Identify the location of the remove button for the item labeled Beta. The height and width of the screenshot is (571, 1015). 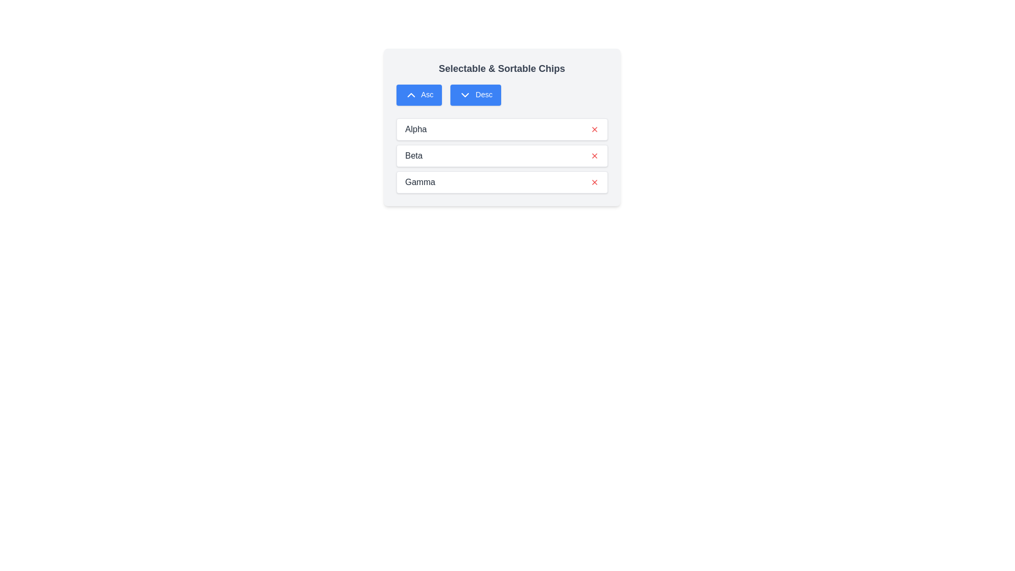
(594, 155).